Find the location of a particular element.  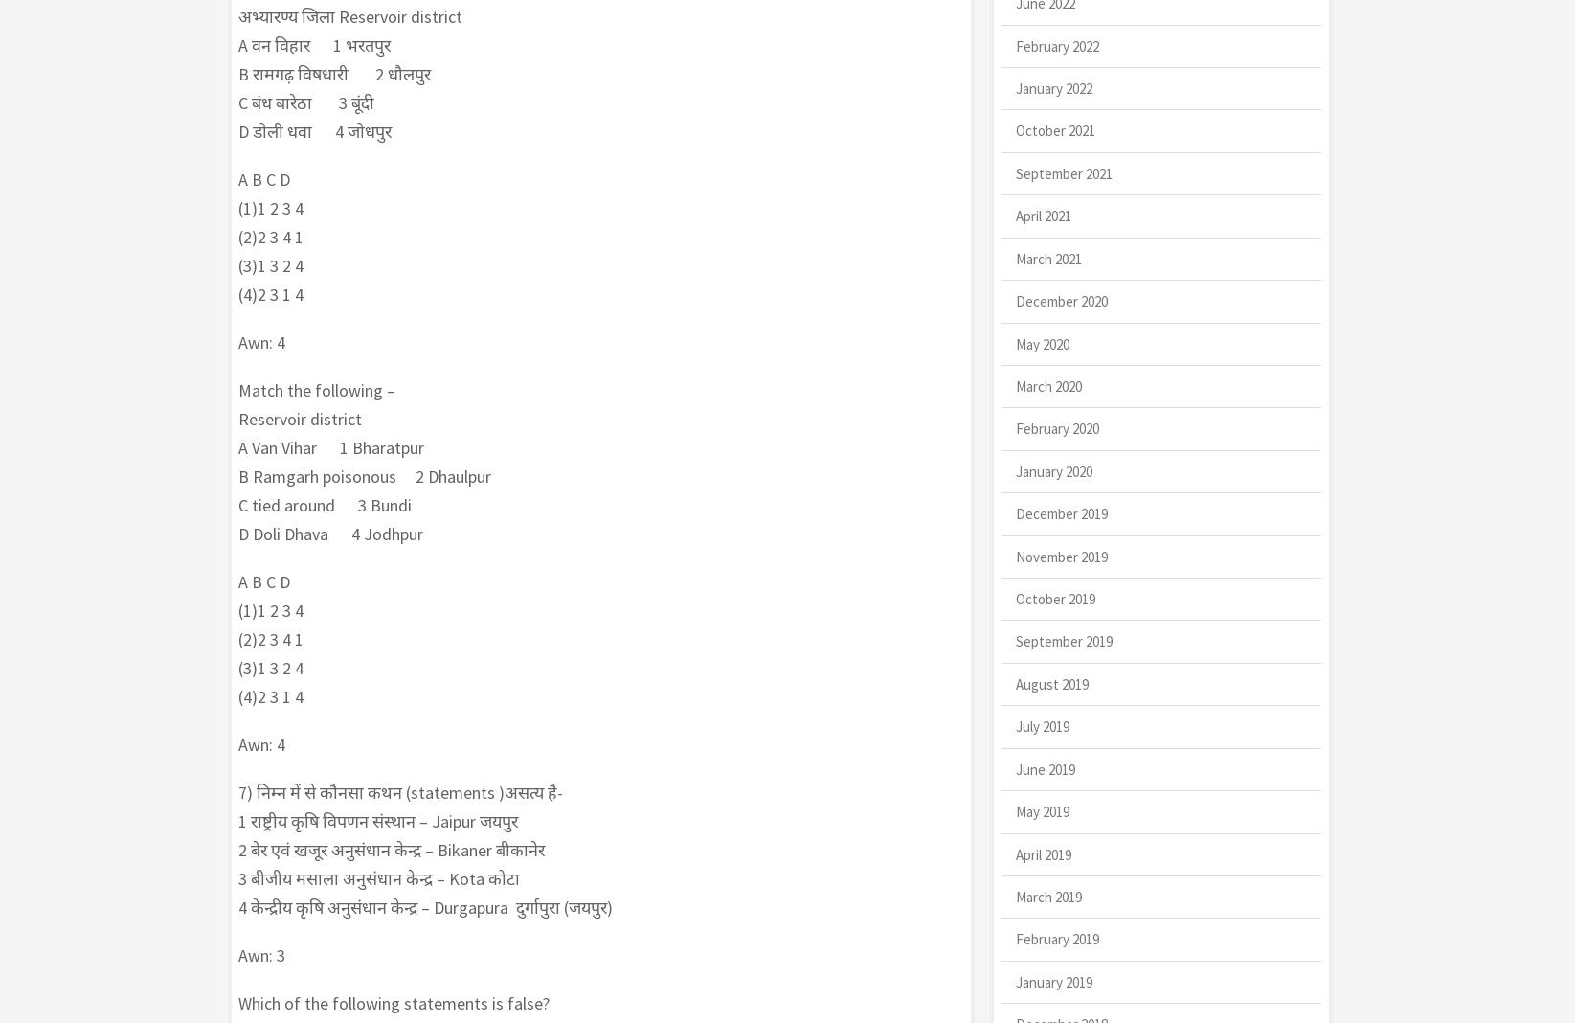

'January 2019' is located at coordinates (1014, 981).